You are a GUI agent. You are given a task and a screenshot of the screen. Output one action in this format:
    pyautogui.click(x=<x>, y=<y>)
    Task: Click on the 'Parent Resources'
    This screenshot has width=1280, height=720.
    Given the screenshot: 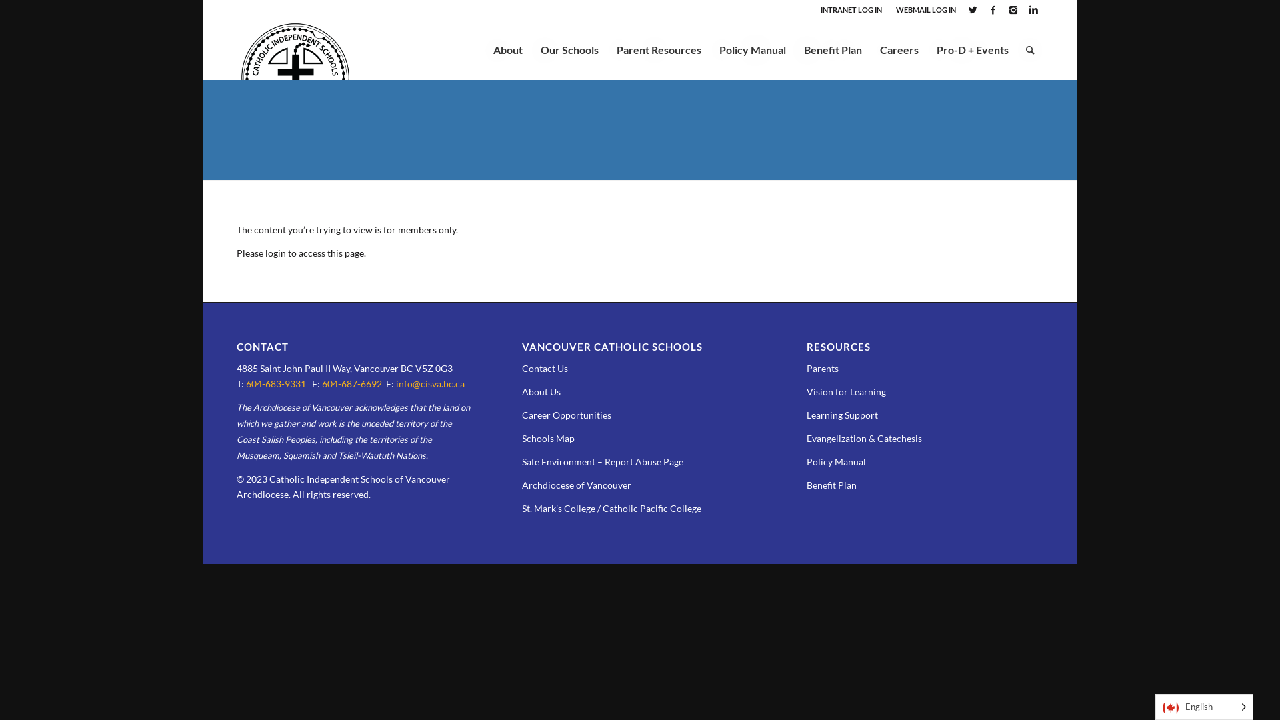 What is the action you would take?
    pyautogui.click(x=659, y=49)
    